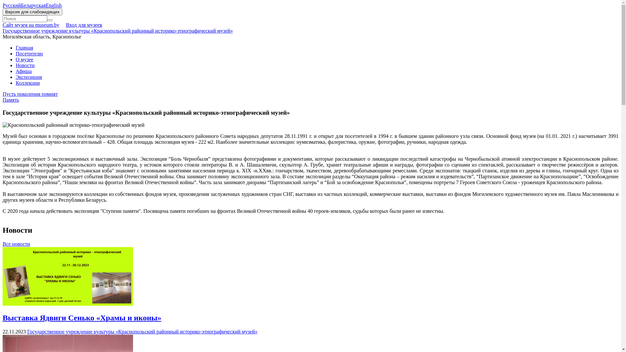  What do you see at coordinates (45, 5) in the screenshot?
I see `'English'` at bounding box center [45, 5].